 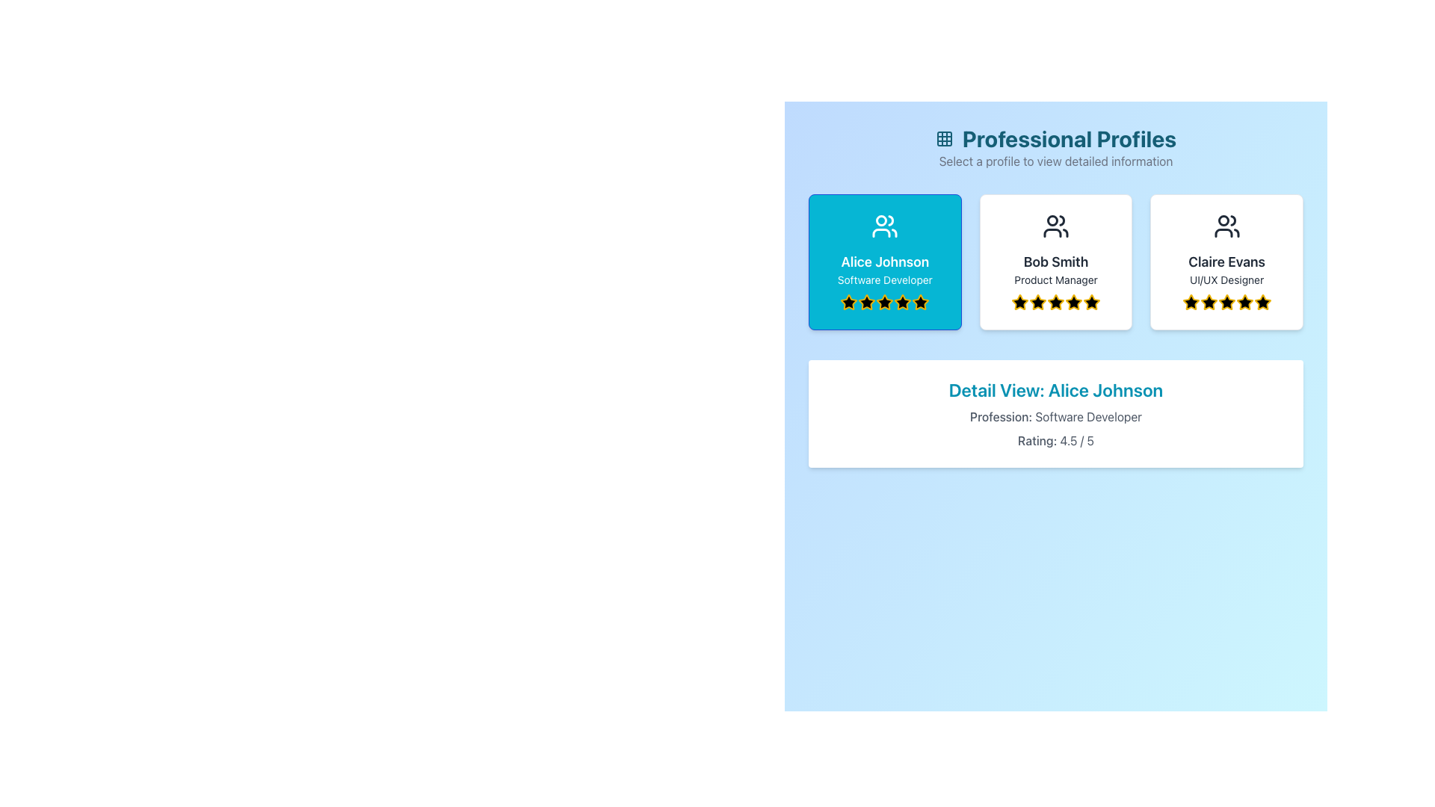 I want to click on the yellow star icon with a hollow black center, which is the fourth star in the rating section under 'Alice Johnson' in the 'Professional Profiles' panel, so click(x=885, y=303).